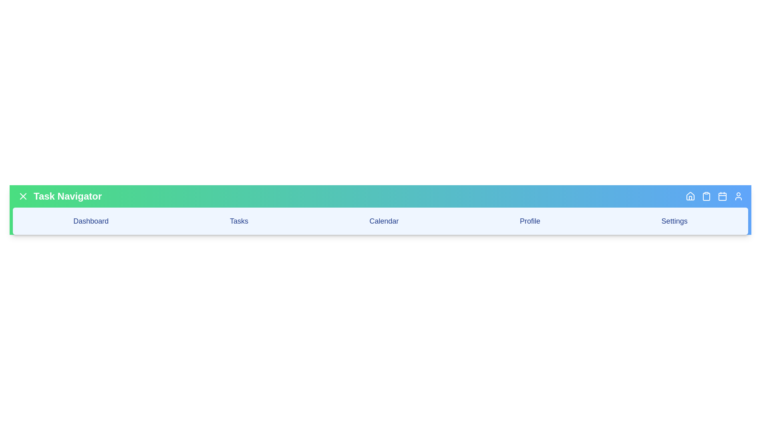 The image size is (769, 432). I want to click on the 'Clipboard' button in the app bar, so click(706, 196).